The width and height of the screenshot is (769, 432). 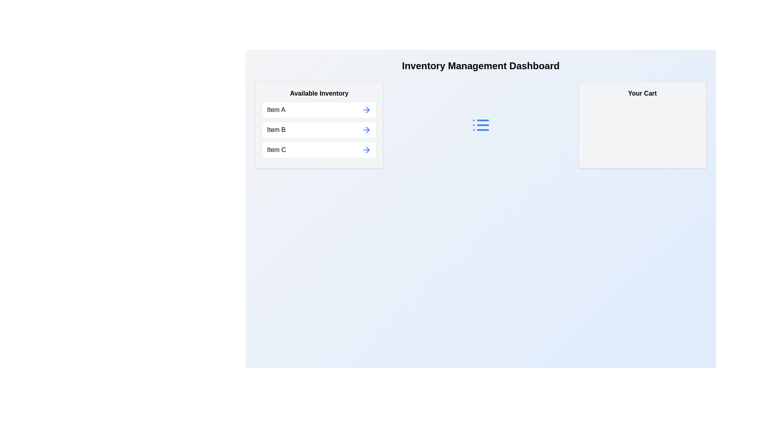 I want to click on the arrow button next to Item A in 'Available Inventory' to move it to 'Your Cart', so click(x=366, y=110).